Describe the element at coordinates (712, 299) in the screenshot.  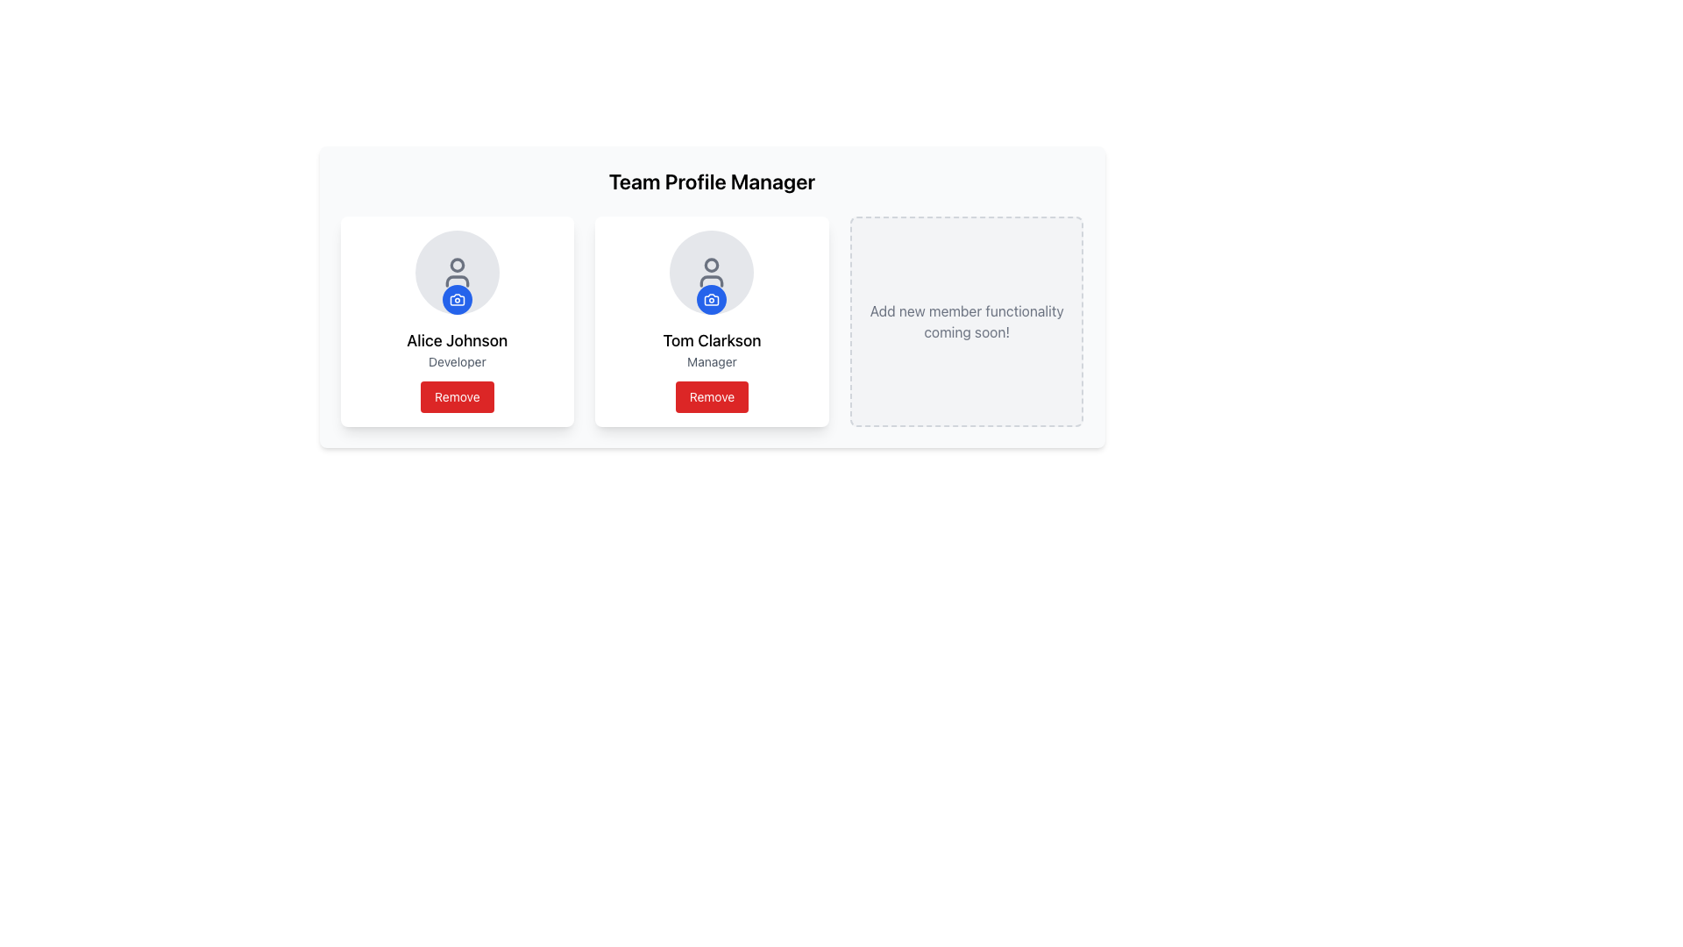
I see `the profile picture icon representing Tom Clarkson within the Team Profile Manager section of the profile card` at that location.